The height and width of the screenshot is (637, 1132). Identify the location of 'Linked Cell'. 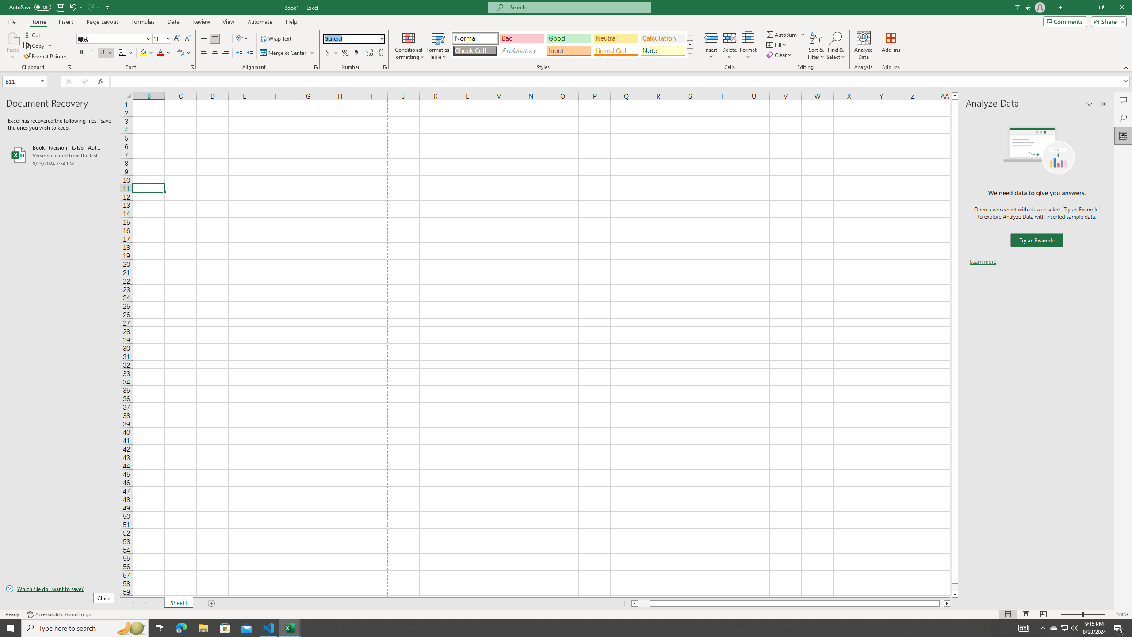
(615, 50).